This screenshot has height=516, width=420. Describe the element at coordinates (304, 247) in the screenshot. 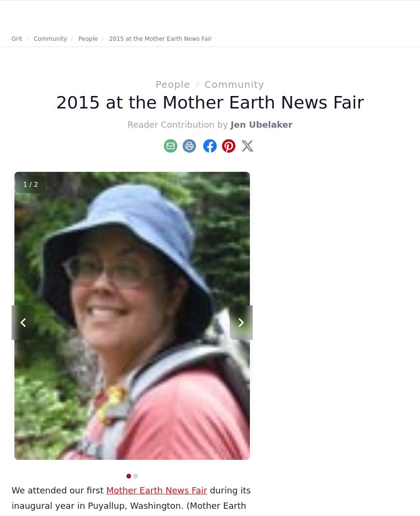

I see `'Easy Plants for Kids to Grow'` at that location.